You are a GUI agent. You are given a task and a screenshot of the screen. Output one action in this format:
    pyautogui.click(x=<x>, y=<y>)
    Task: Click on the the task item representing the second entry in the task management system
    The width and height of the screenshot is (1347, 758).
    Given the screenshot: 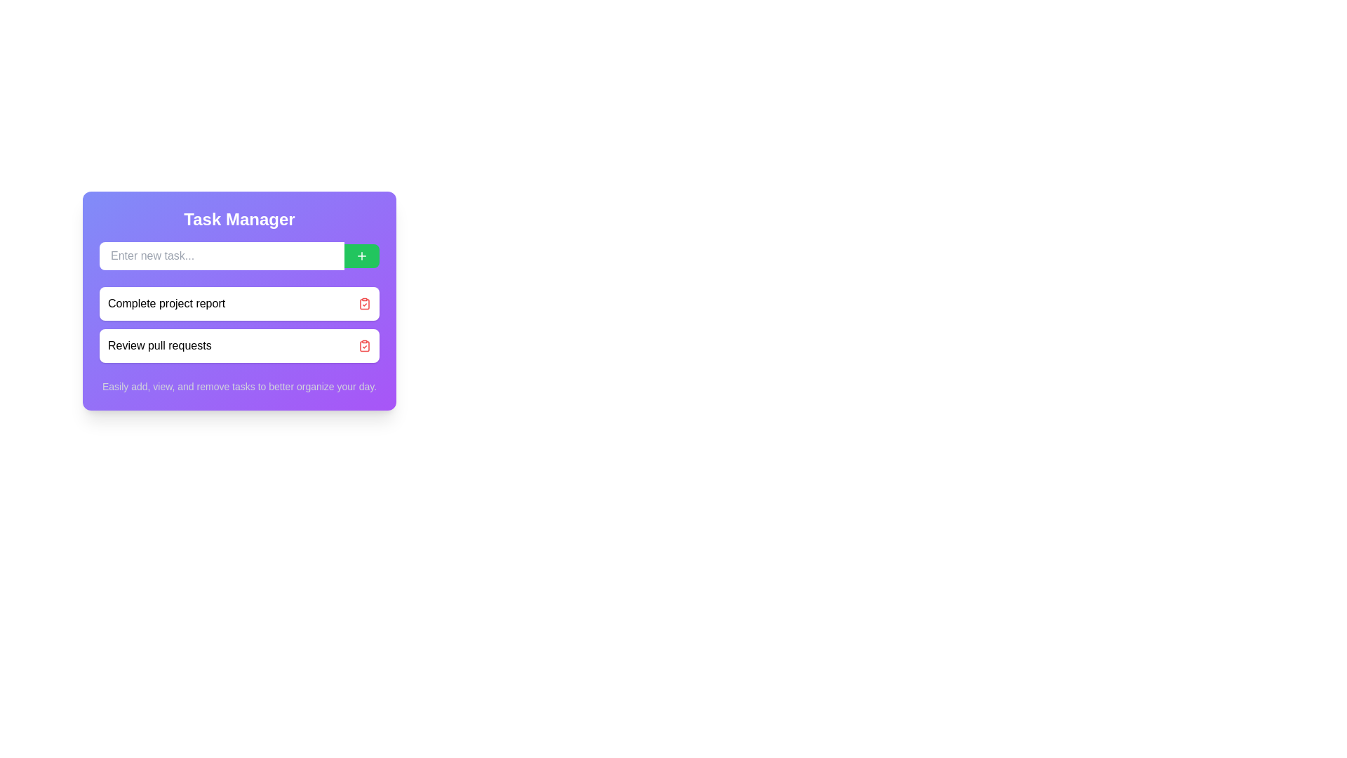 What is the action you would take?
    pyautogui.click(x=239, y=346)
    